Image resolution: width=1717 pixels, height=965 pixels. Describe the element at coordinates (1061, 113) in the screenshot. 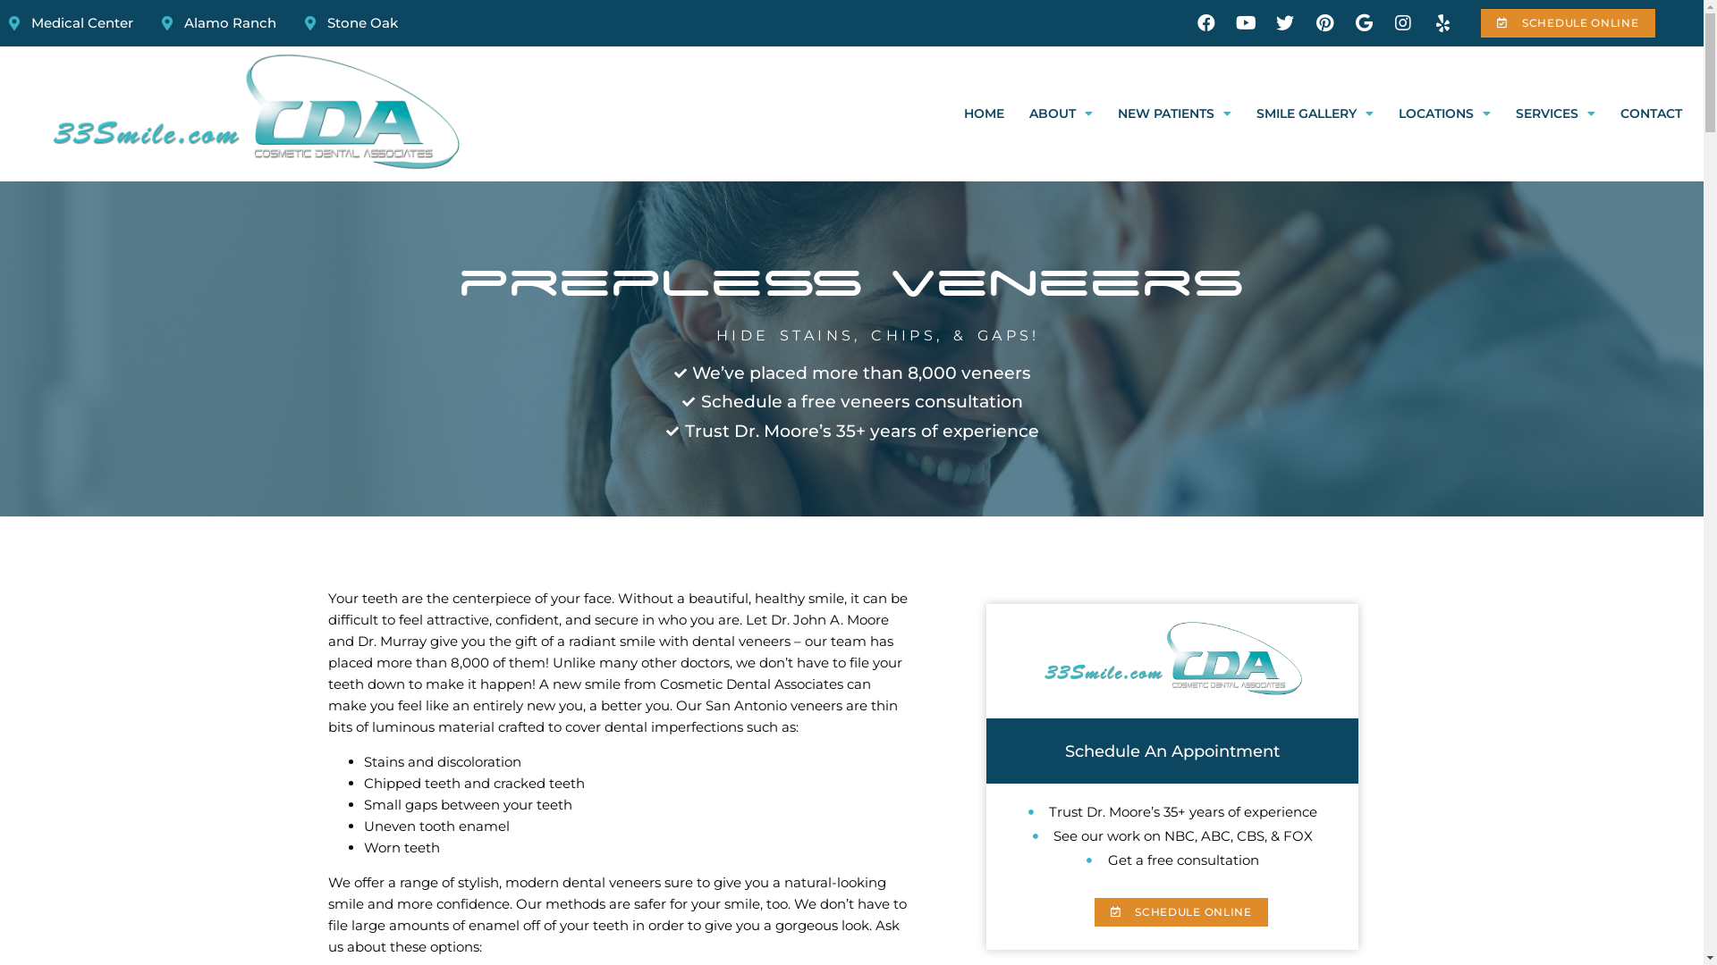

I see `'ABOUT'` at that location.